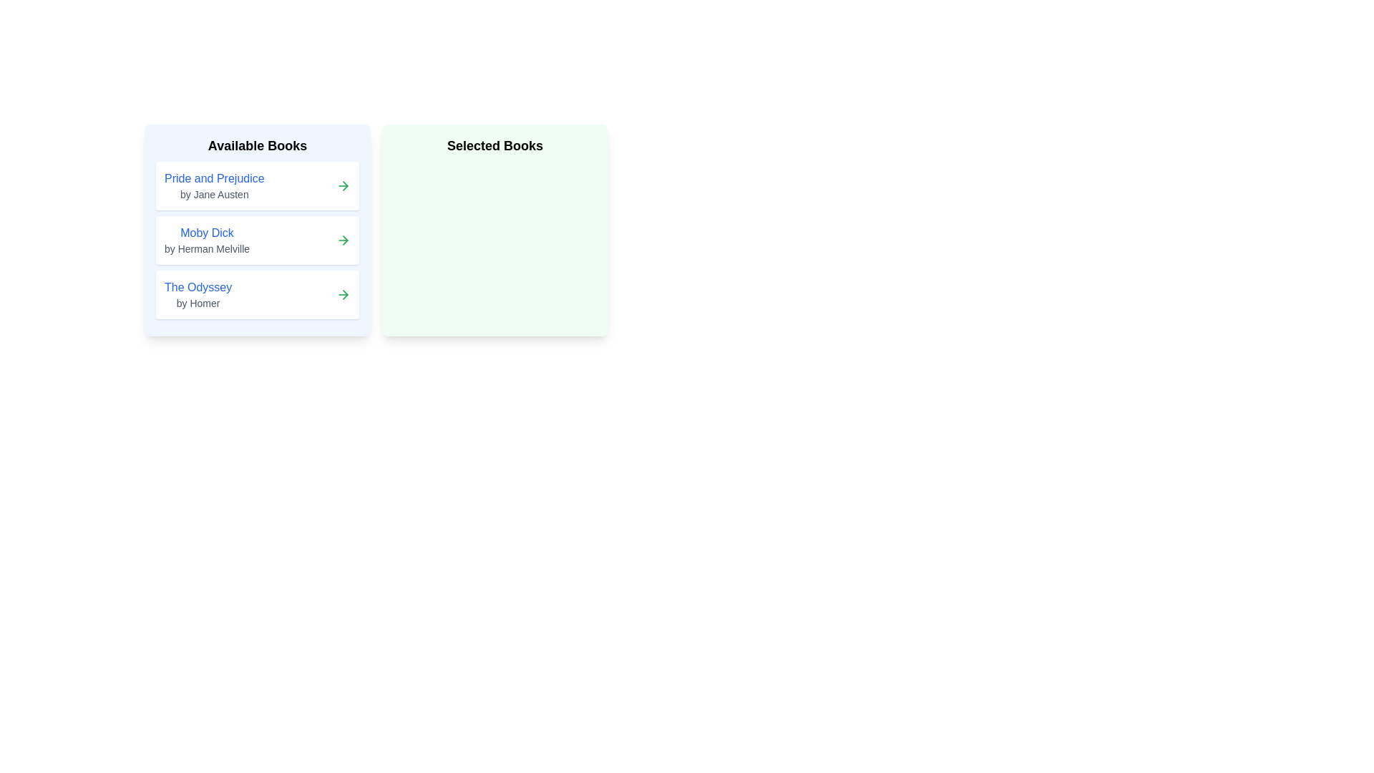  Describe the element at coordinates (206, 248) in the screenshot. I see `the text label displaying the author of the book 'Moby Dick', which is located under the title in the left panel labeled 'Available Books'` at that location.